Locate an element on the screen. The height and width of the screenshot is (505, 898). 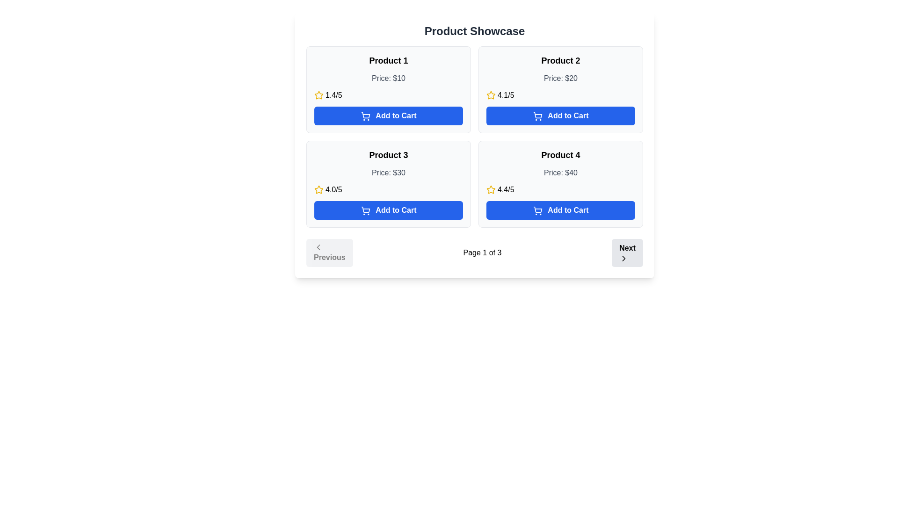
the shopping cart icon located on the blue 'Add to Cart' button at the bottom of the first product card is located at coordinates (365, 115).